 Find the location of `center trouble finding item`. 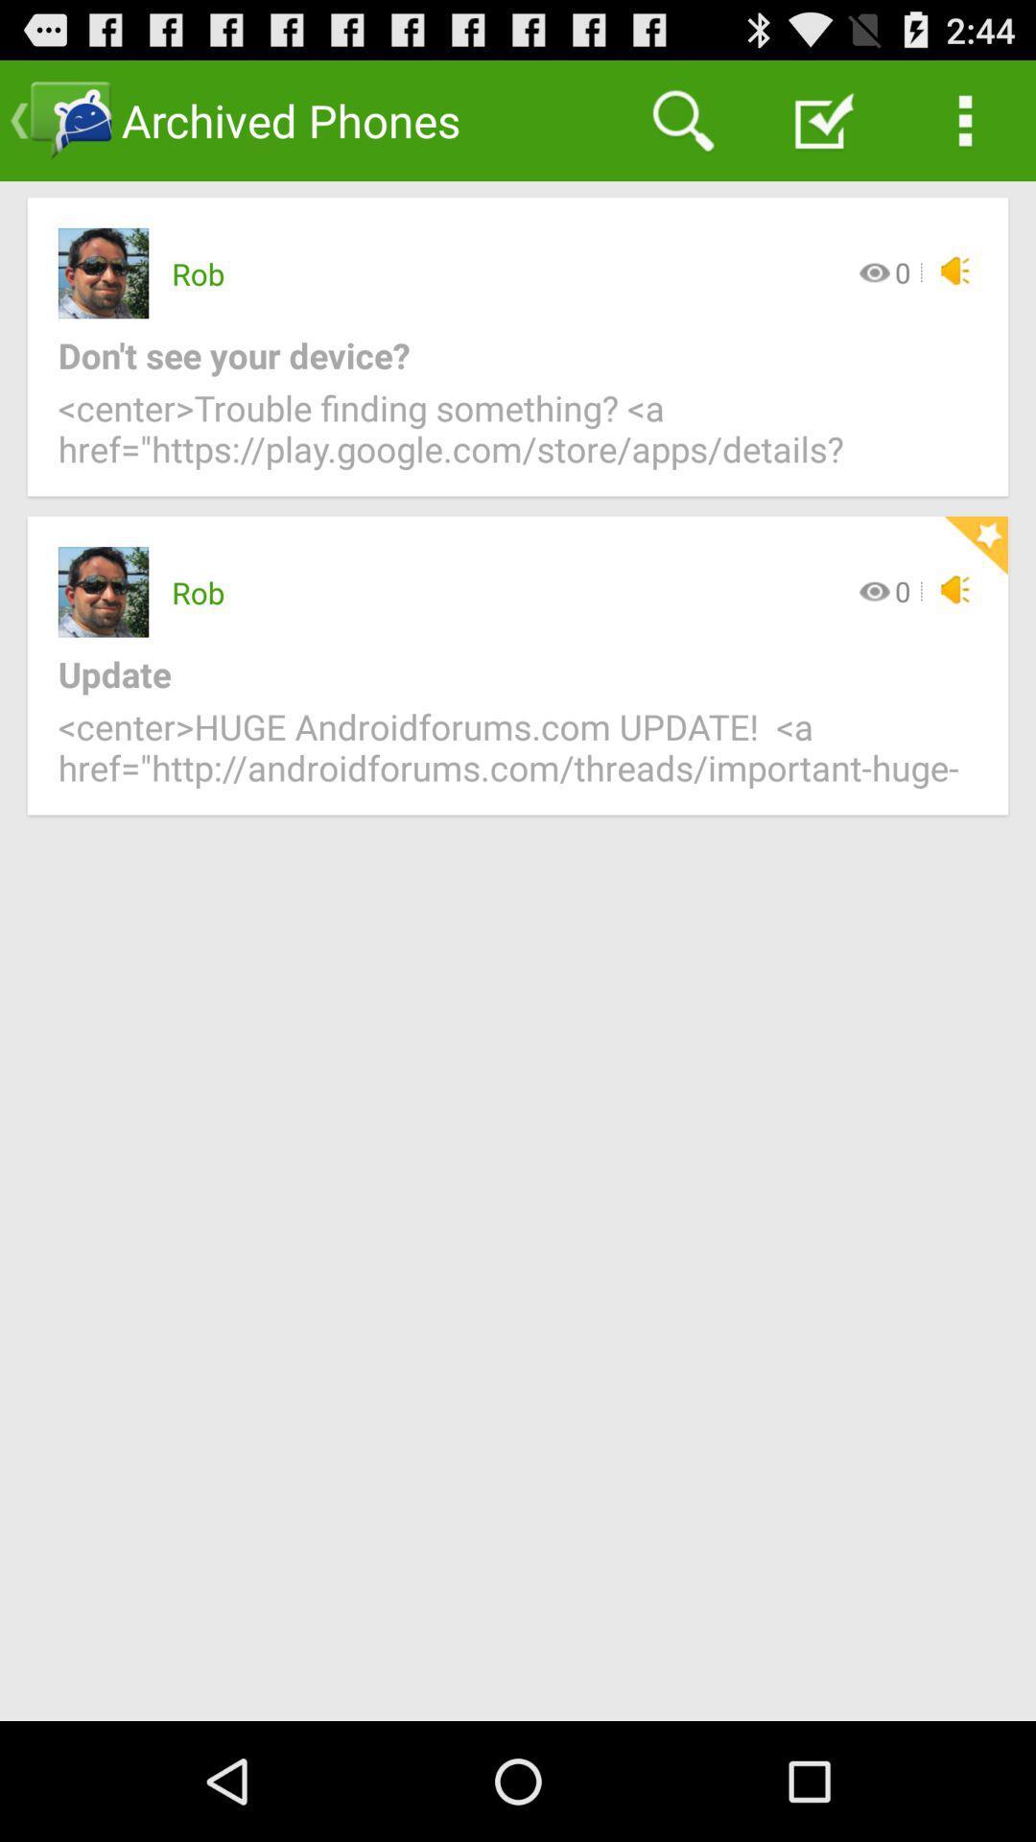

center trouble finding item is located at coordinates (518, 439).